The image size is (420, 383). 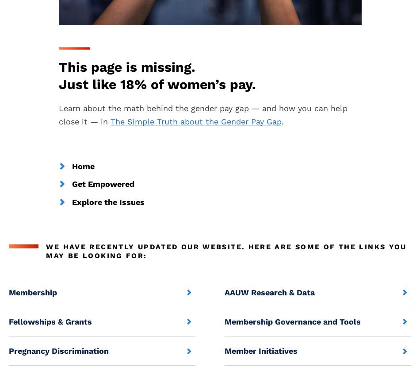 What do you see at coordinates (9, 350) in the screenshot?
I see `'Pregnancy Discrimination'` at bounding box center [9, 350].